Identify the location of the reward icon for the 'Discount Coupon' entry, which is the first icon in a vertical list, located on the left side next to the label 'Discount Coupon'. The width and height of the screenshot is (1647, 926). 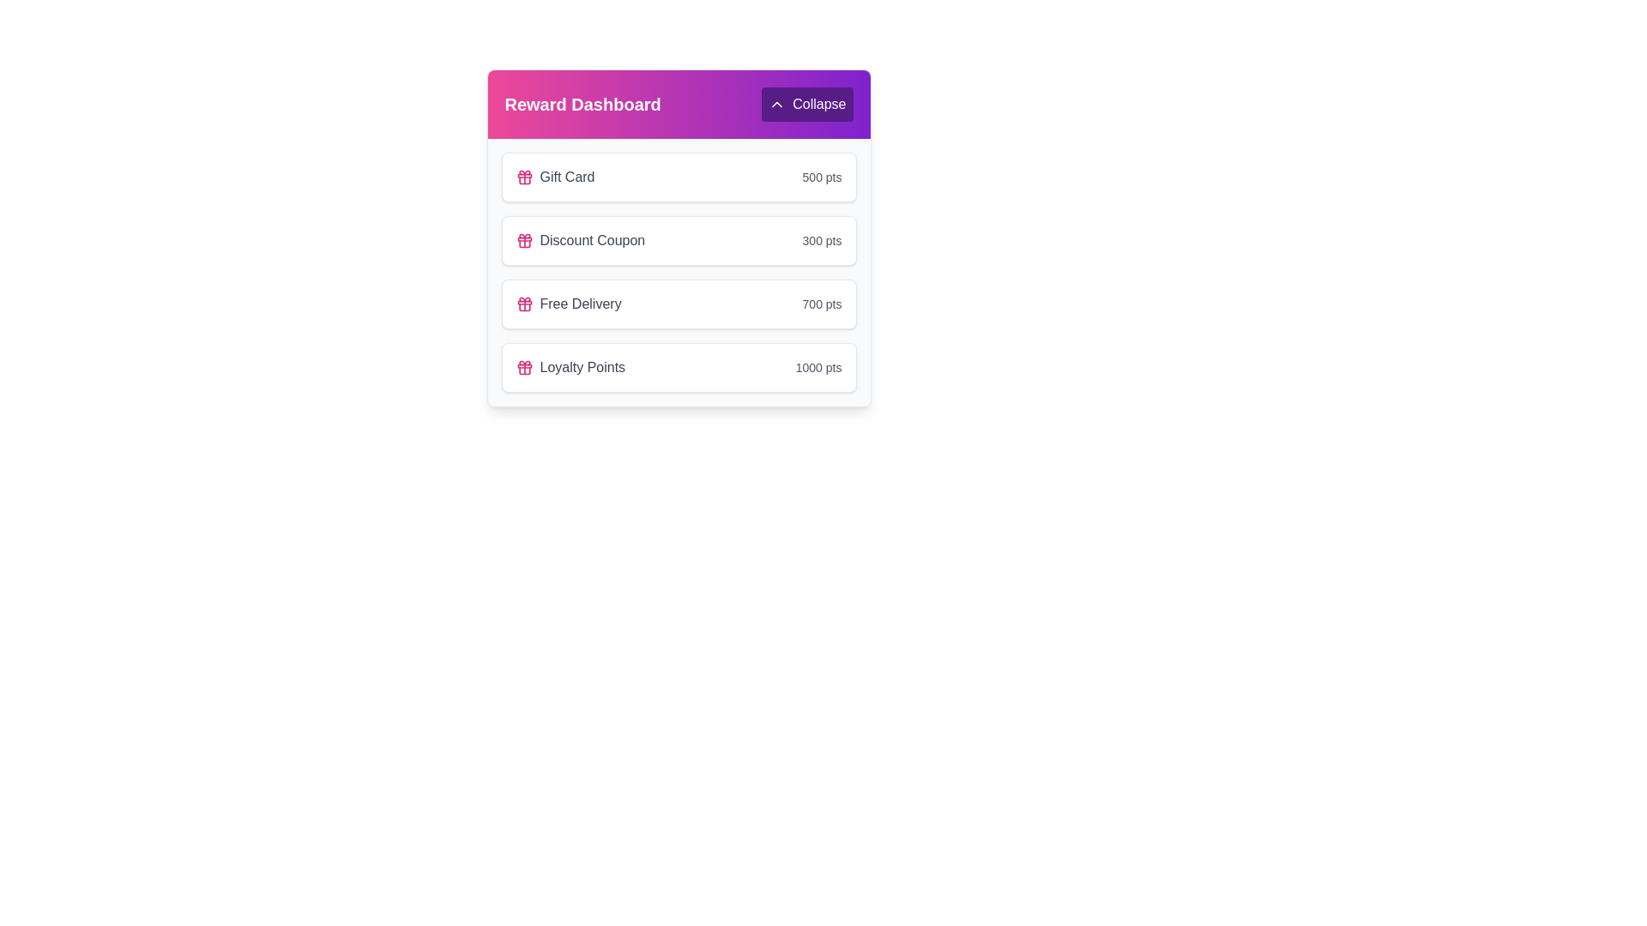
(523, 241).